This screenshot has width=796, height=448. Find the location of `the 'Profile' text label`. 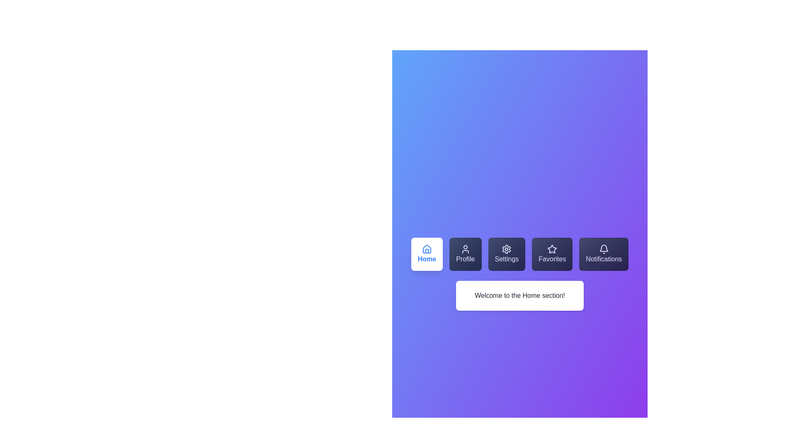

the 'Profile' text label is located at coordinates (465, 258).